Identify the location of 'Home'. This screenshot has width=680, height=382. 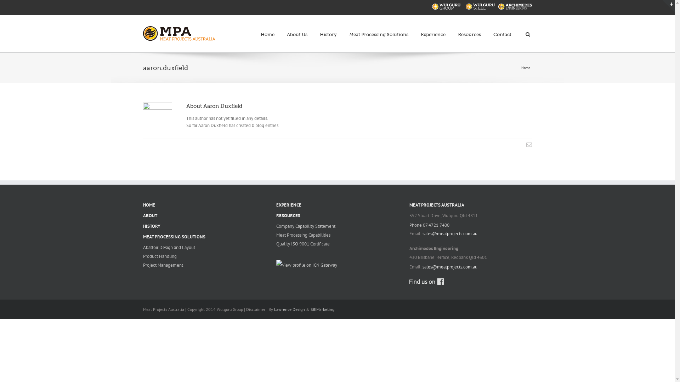
(267, 30).